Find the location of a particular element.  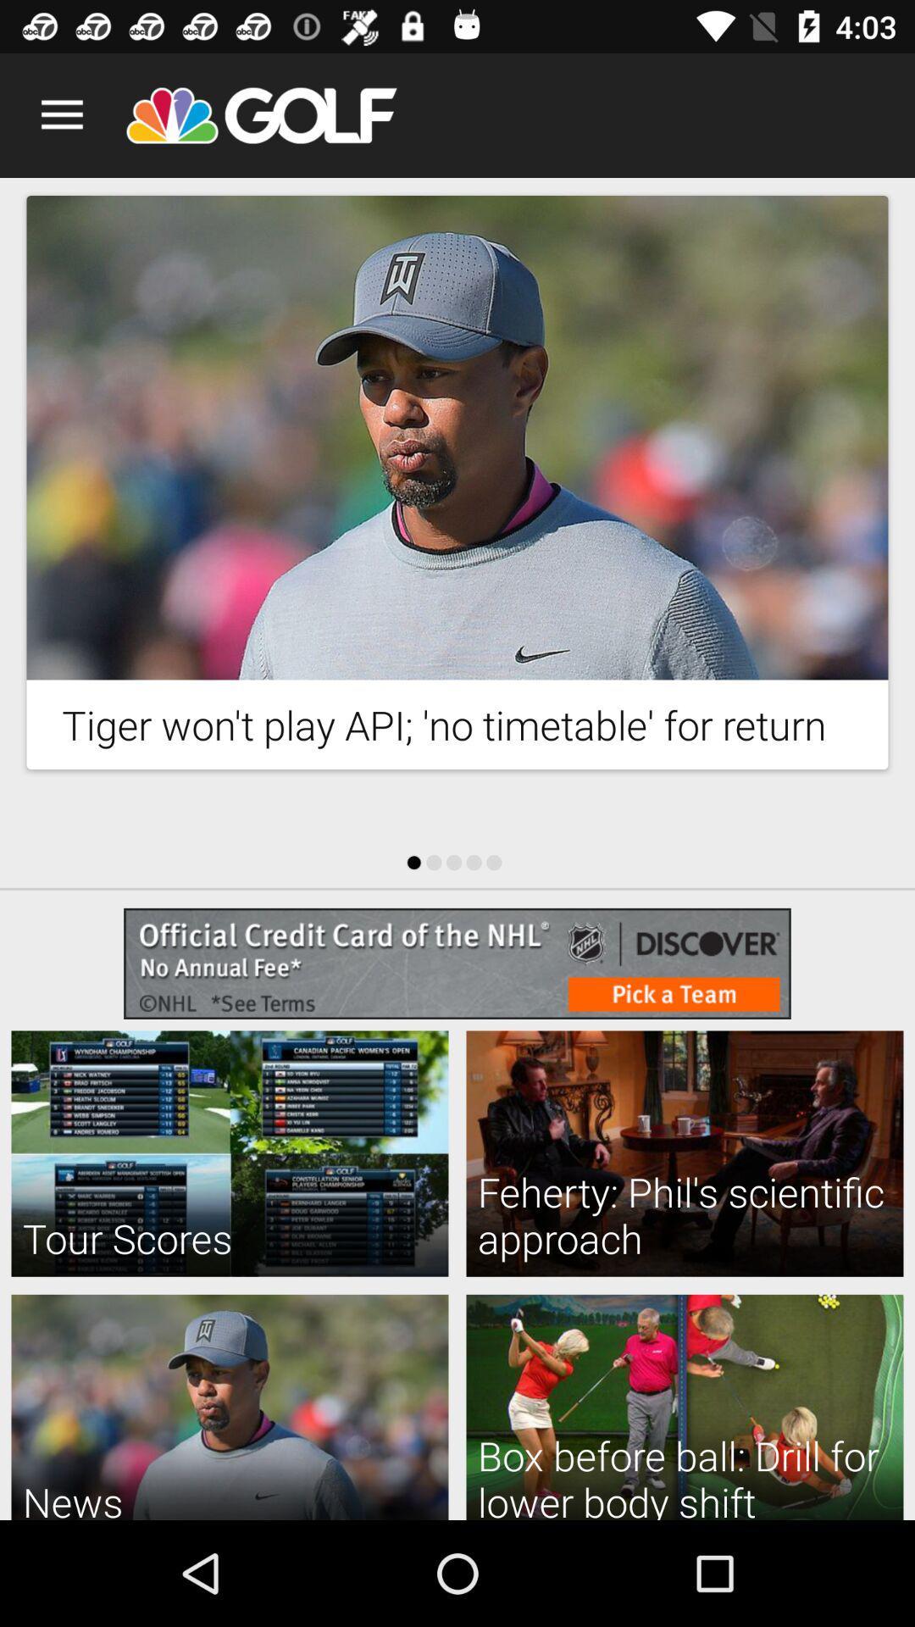

switch to article is located at coordinates (457, 437).